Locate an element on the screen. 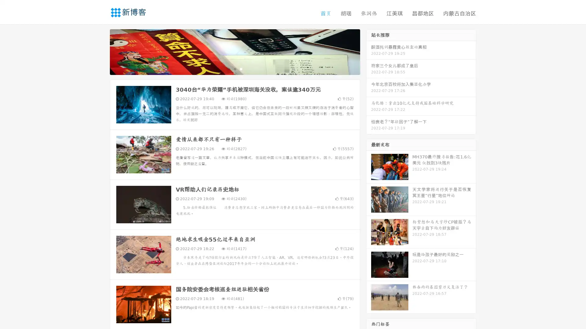 The image size is (586, 329). Next slide is located at coordinates (369, 51).